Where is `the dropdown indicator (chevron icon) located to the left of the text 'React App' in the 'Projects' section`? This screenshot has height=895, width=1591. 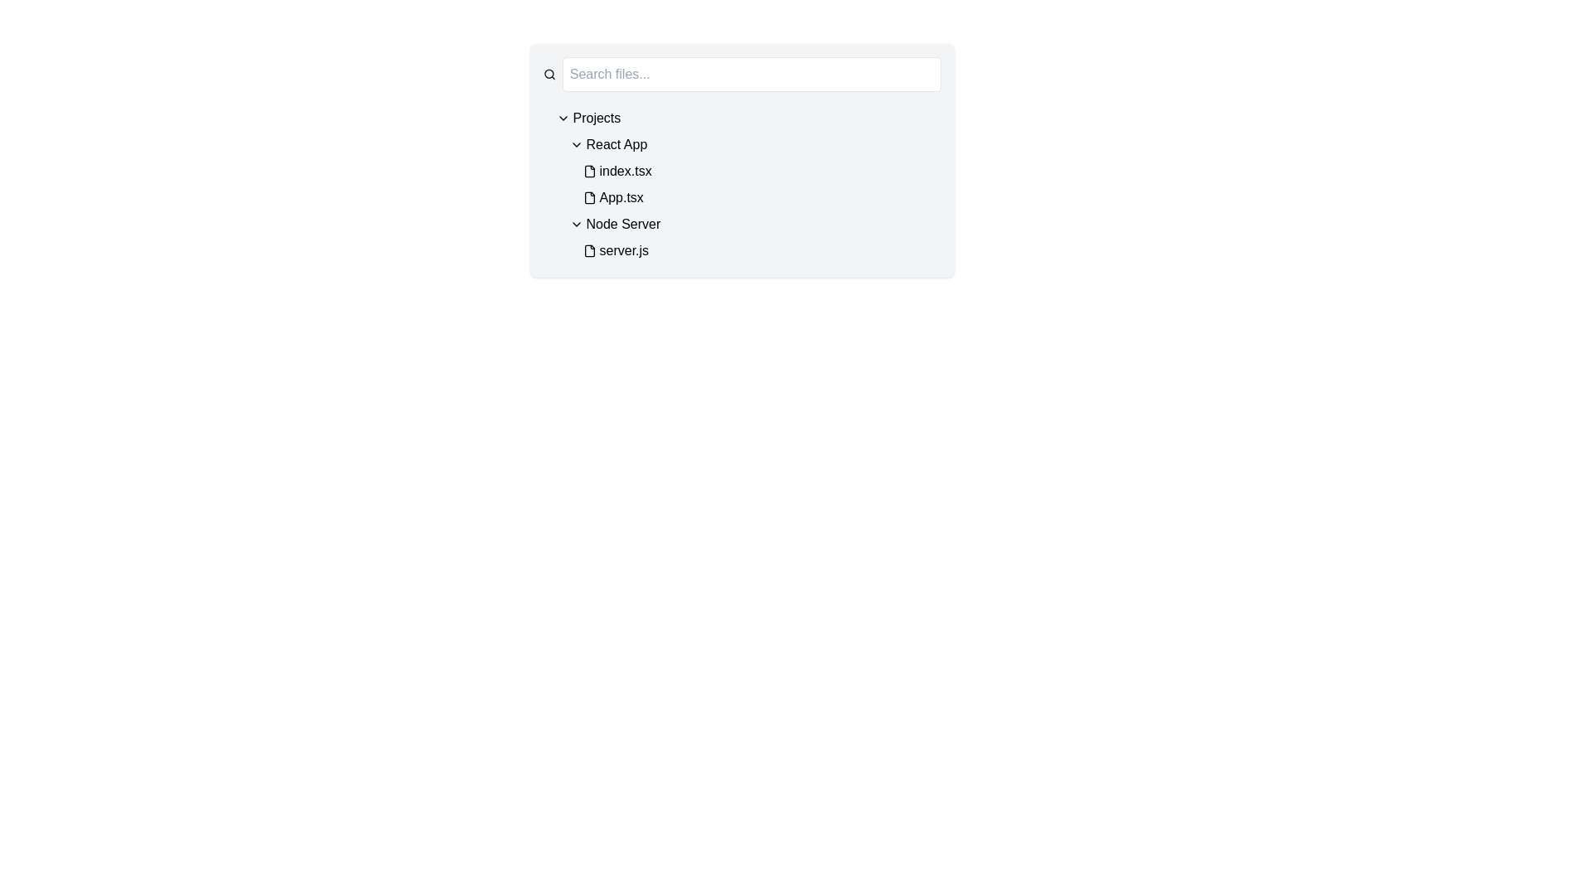 the dropdown indicator (chevron icon) located to the left of the text 'React App' in the 'Projects' section is located at coordinates (576, 143).